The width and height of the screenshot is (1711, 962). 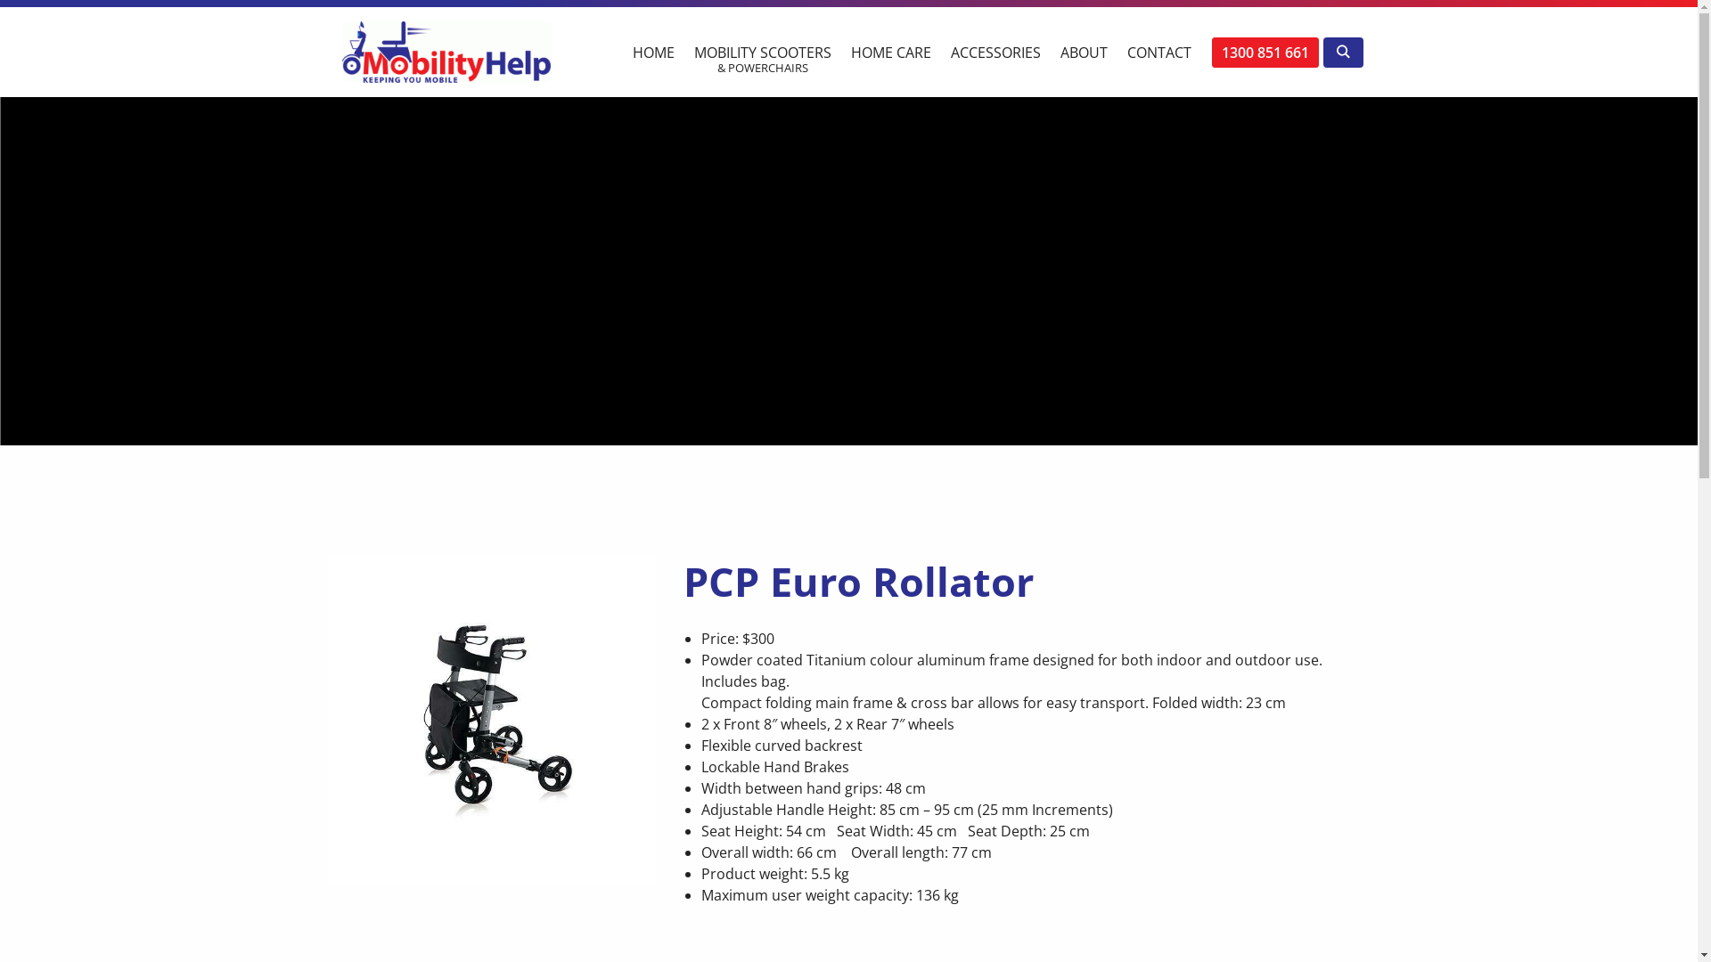 I want to click on '1300 851 661', so click(x=1211, y=51).